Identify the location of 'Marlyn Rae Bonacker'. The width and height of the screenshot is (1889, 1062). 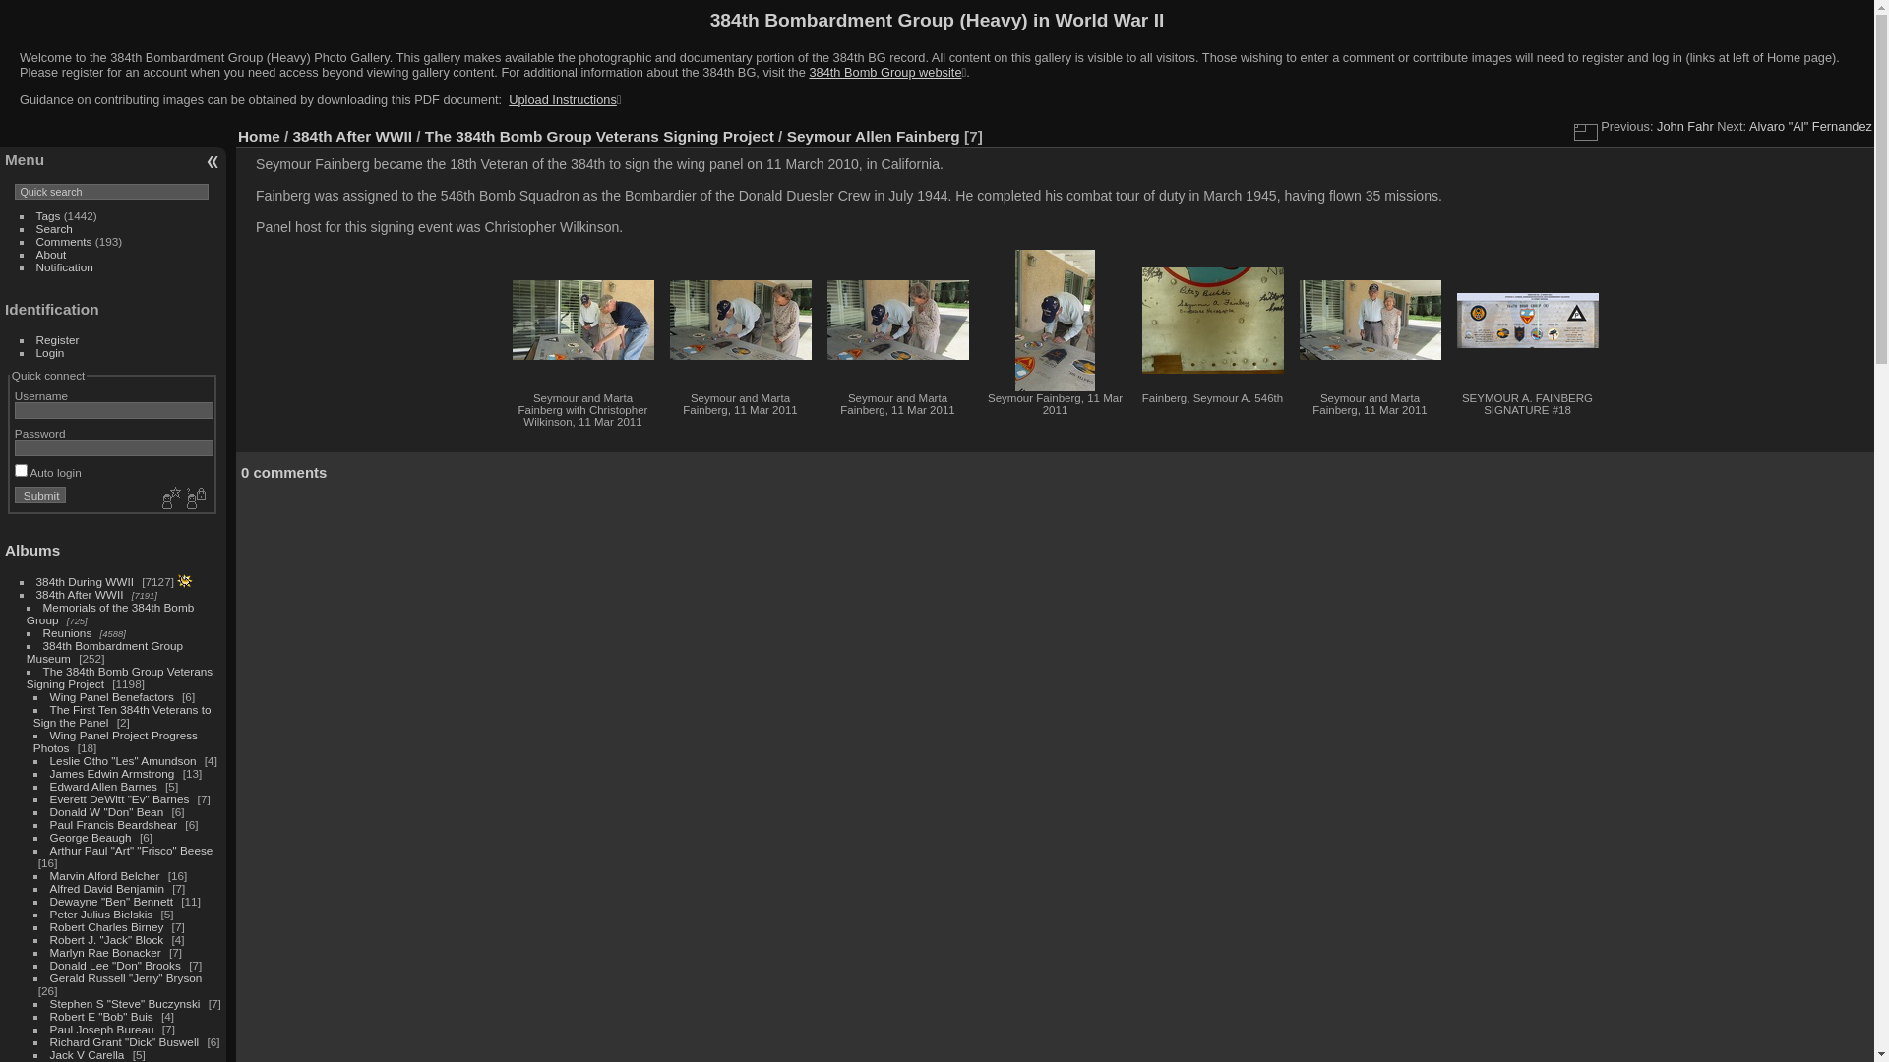
(104, 951).